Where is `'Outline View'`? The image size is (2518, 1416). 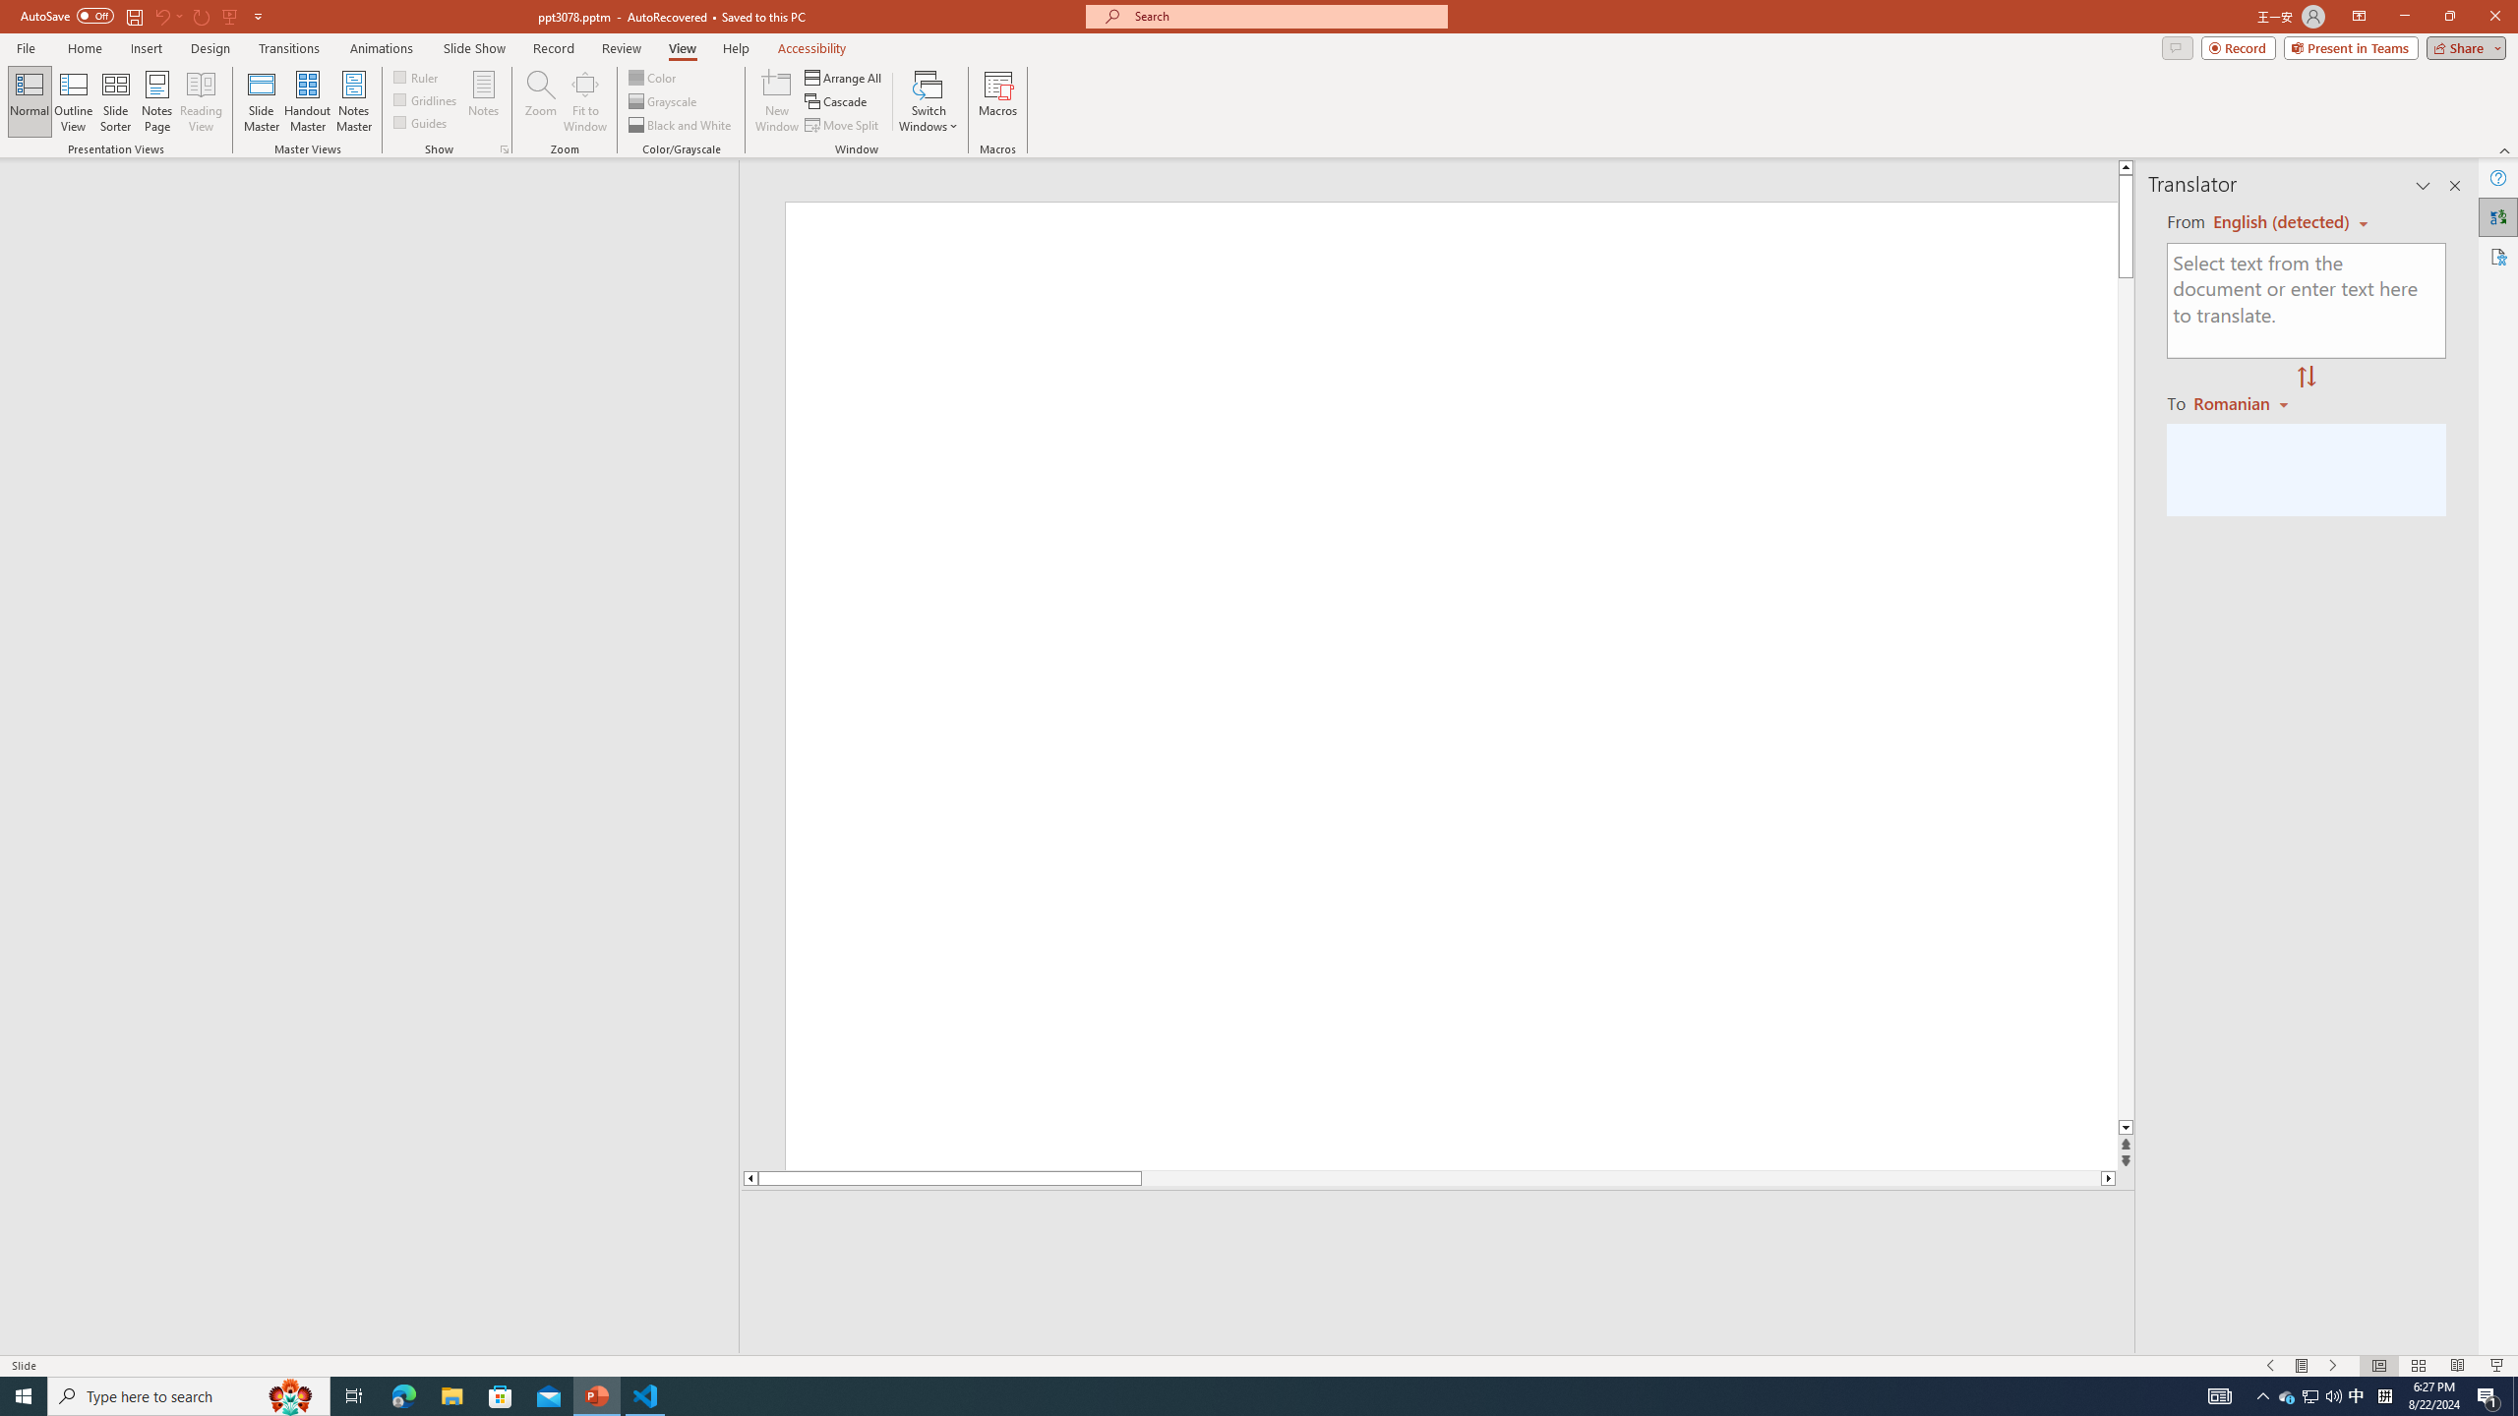
'Outline View' is located at coordinates (73, 101).